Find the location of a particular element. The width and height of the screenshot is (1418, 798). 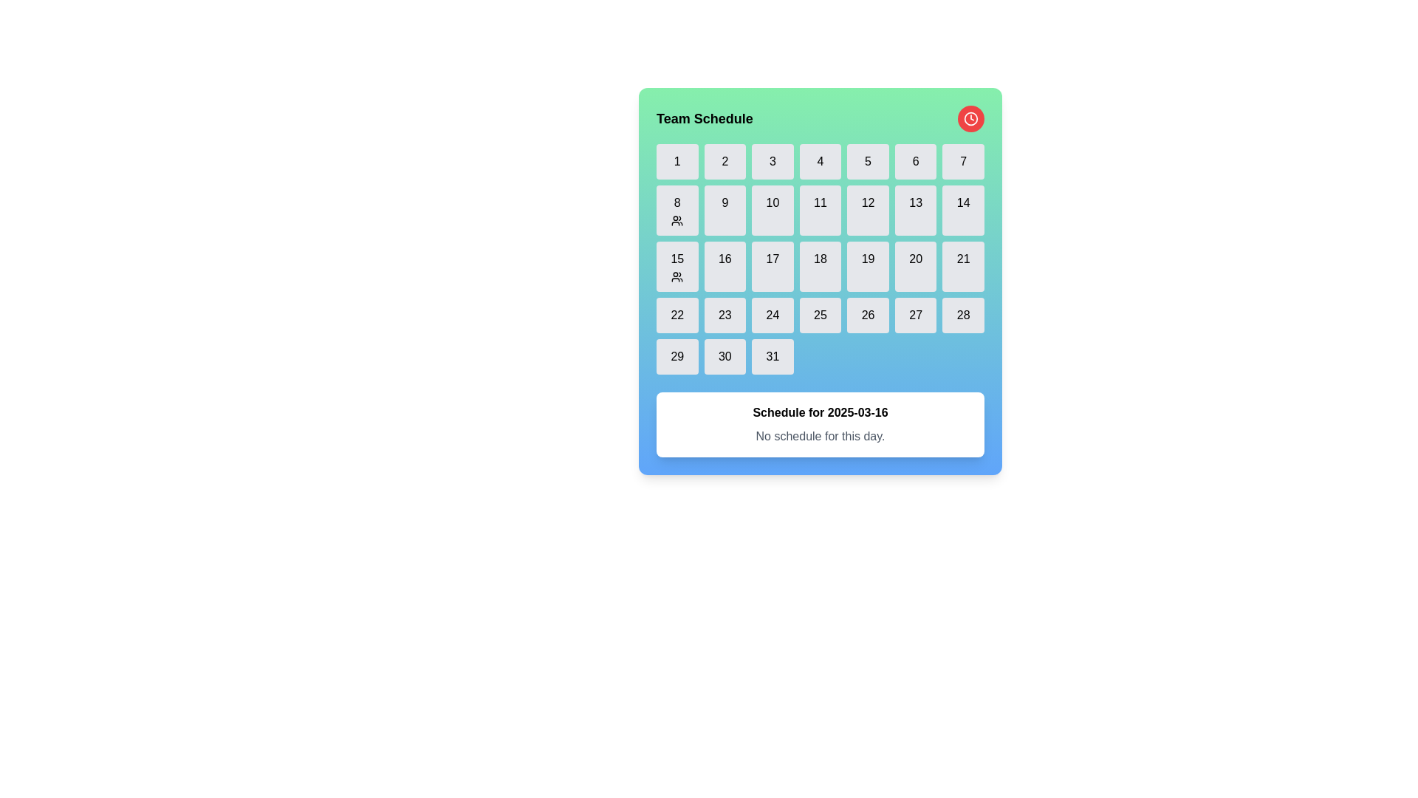

a specific date within the grid-based calendar layout located below the 'Team Schedule' header is located at coordinates (819, 259).